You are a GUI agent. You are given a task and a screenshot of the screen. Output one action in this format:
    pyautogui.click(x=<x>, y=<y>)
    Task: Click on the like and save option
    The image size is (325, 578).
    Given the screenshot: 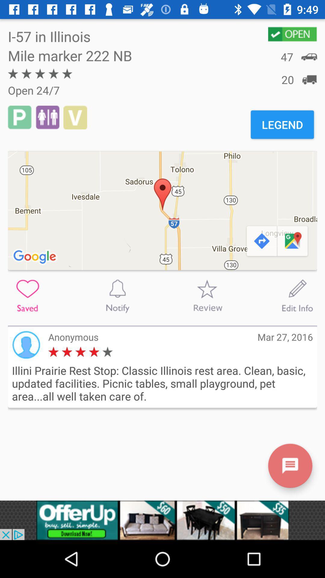 What is the action you would take?
    pyautogui.click(x=27, y=296)
    